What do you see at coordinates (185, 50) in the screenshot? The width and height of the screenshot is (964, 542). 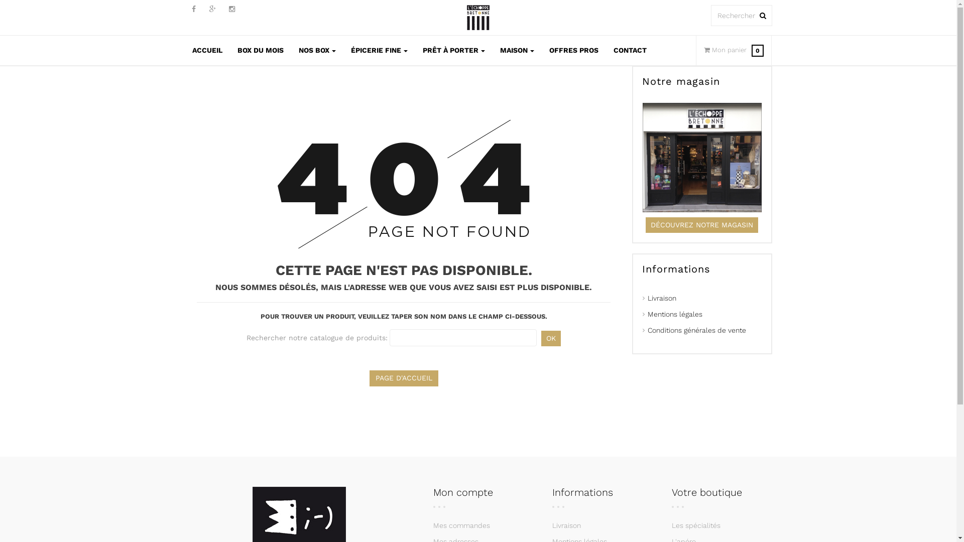 I see `'ACCUEIL'` at bounding box center [185, 50].